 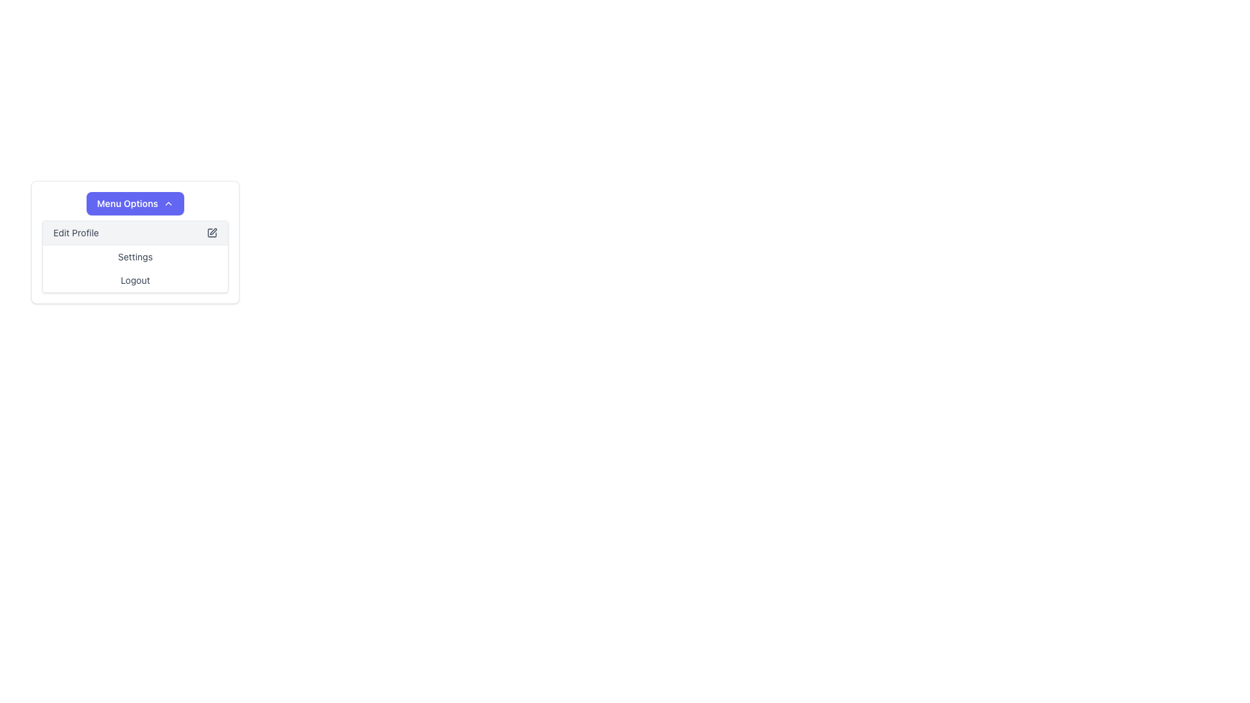 What do you see at coordinates (135, 256) in the screenshot?
I see `the 'Settings' option in the vertical menu located below the 'Menu Options' header` at bounding box center [135, 256].